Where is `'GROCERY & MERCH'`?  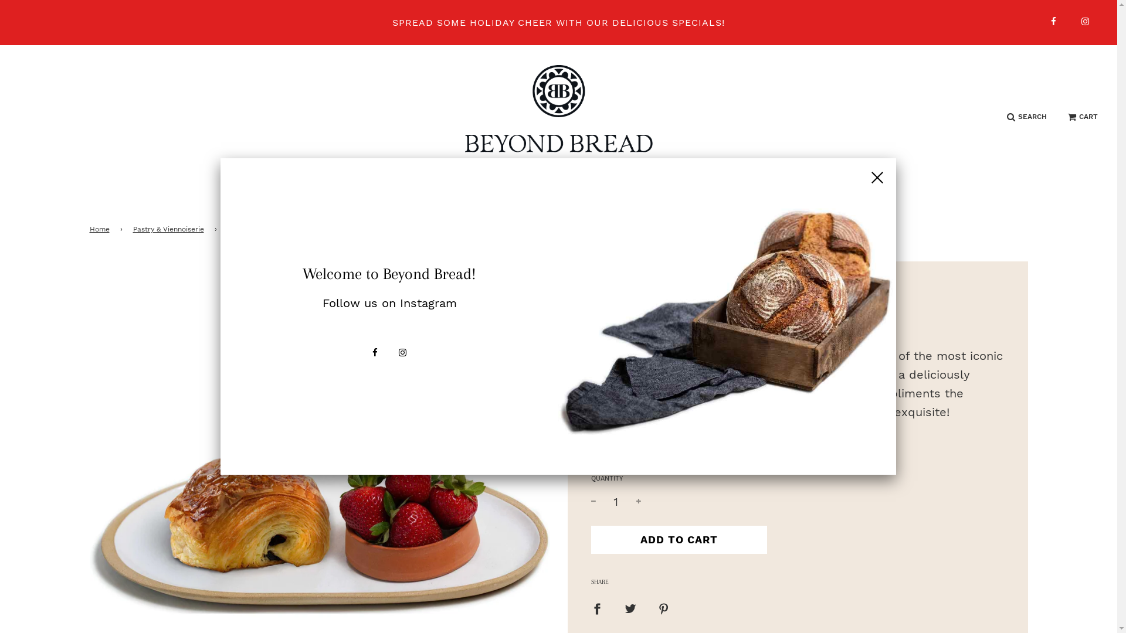
'GROCERY & MERCH' is located at coordinates (620, 195).